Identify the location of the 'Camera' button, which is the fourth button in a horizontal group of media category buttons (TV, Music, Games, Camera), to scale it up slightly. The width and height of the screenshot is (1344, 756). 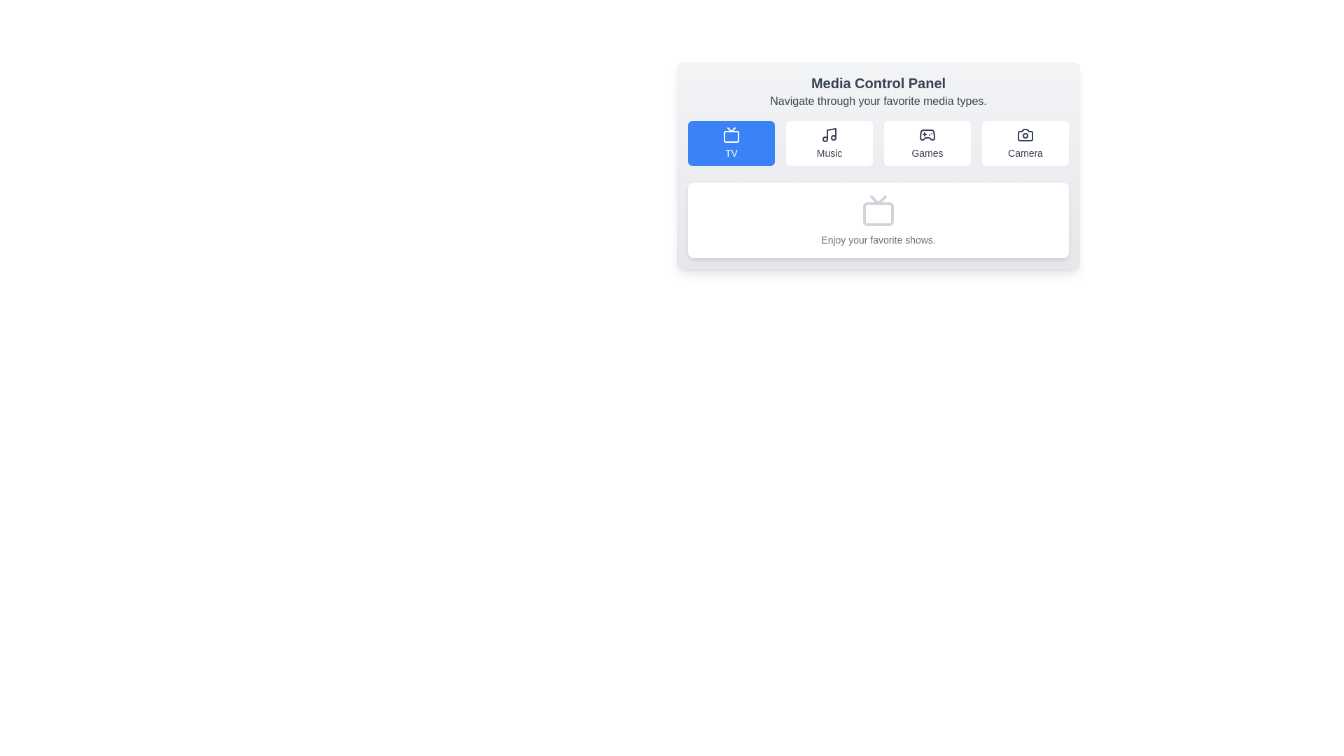
(1025, 143).